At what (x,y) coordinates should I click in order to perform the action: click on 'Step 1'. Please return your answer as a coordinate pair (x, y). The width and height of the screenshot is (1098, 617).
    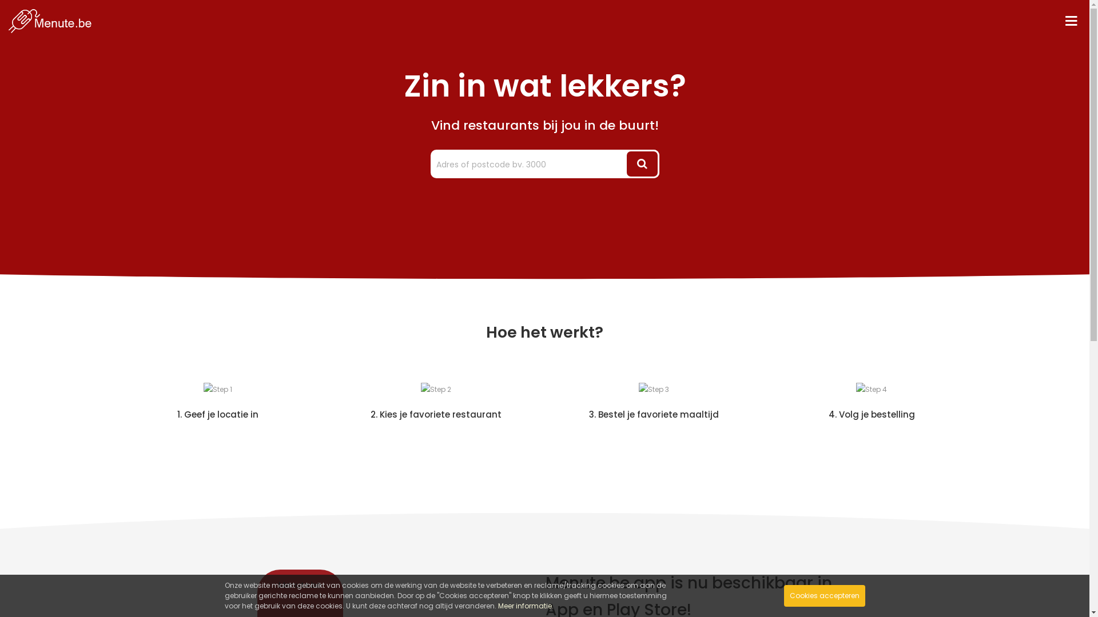
    Looking at the image, I should click on (217, 389).